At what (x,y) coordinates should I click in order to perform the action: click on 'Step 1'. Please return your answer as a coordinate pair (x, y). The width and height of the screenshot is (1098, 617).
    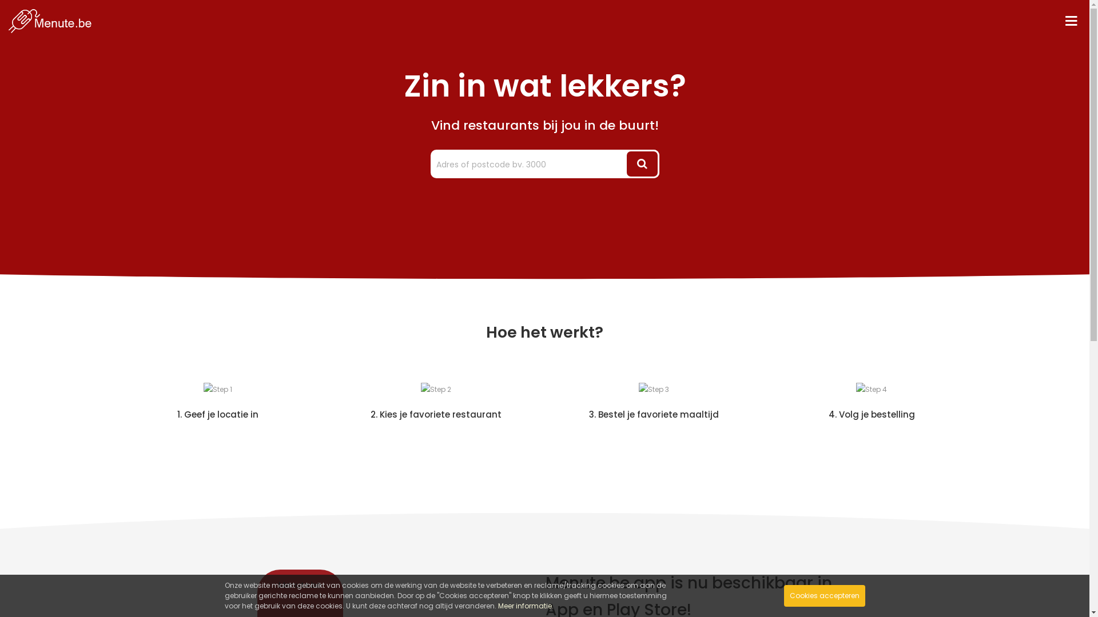
    Looking at the image, I should click on (217, 389).